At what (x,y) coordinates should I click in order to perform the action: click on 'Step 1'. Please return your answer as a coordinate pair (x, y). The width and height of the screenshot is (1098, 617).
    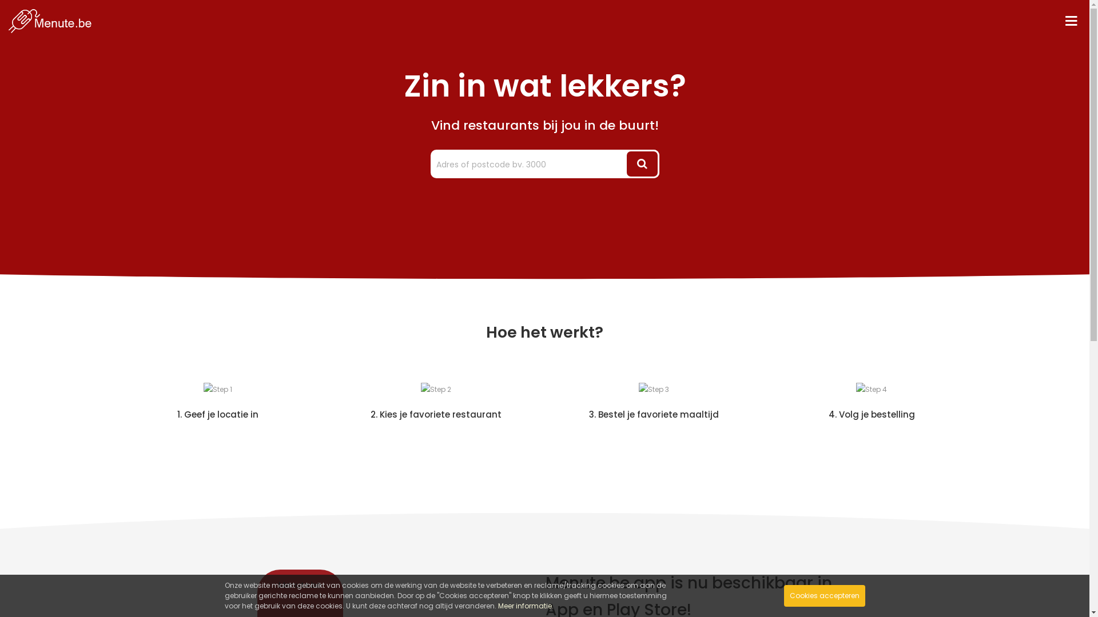
    Looking at the image, I should click on (217, 389).